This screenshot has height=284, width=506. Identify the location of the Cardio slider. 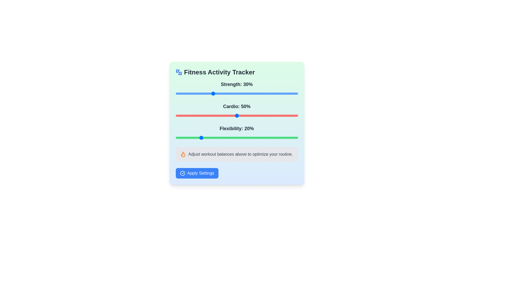
(293, 115).